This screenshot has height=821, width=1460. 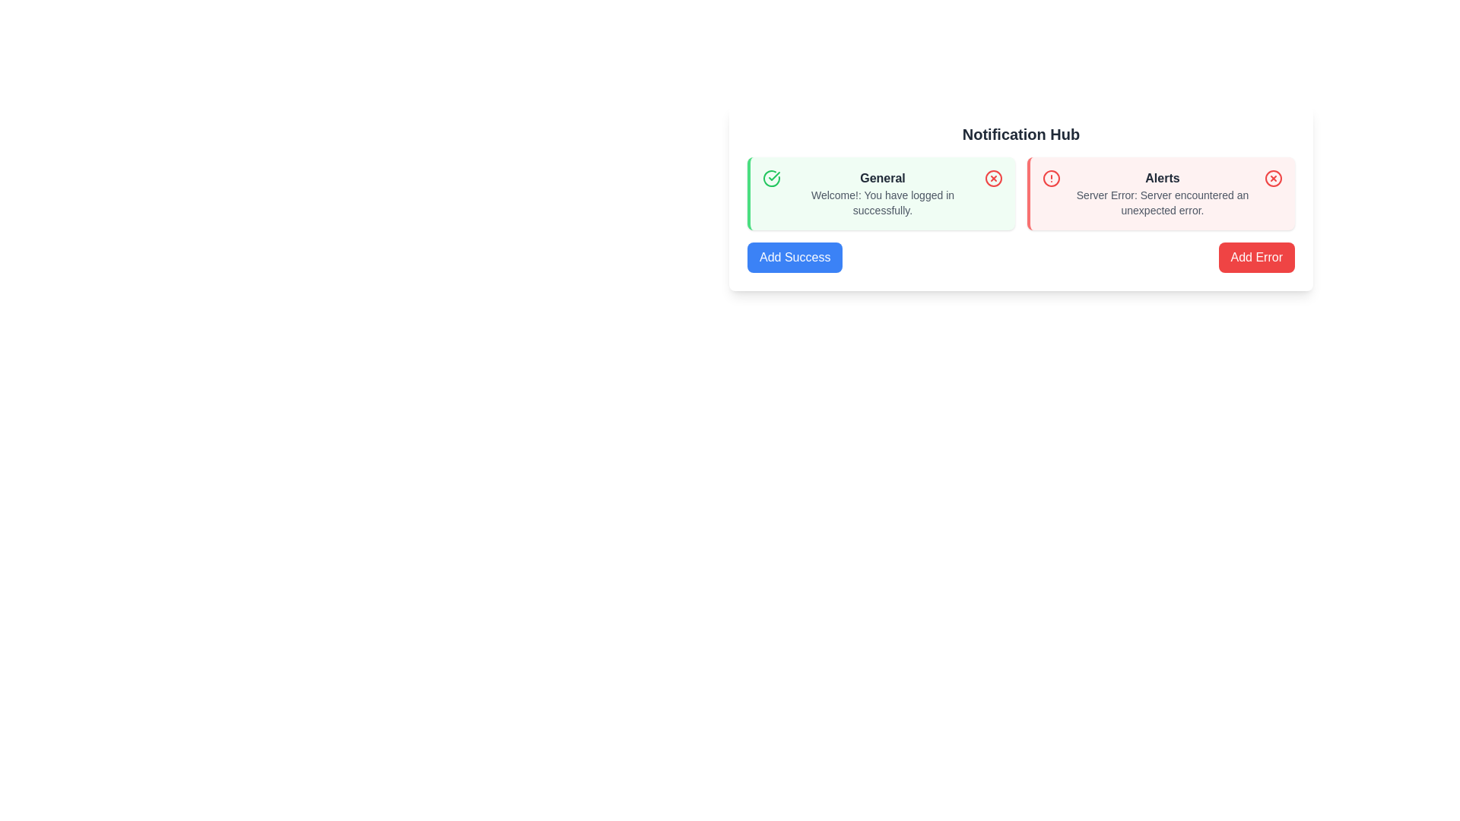 What do you see at coordinates (1274, 178) in the screenshot?
I see `the close icon in the top-right corner of the red notification card labeled 'Alerts'` at bounding box center [1274, 178].